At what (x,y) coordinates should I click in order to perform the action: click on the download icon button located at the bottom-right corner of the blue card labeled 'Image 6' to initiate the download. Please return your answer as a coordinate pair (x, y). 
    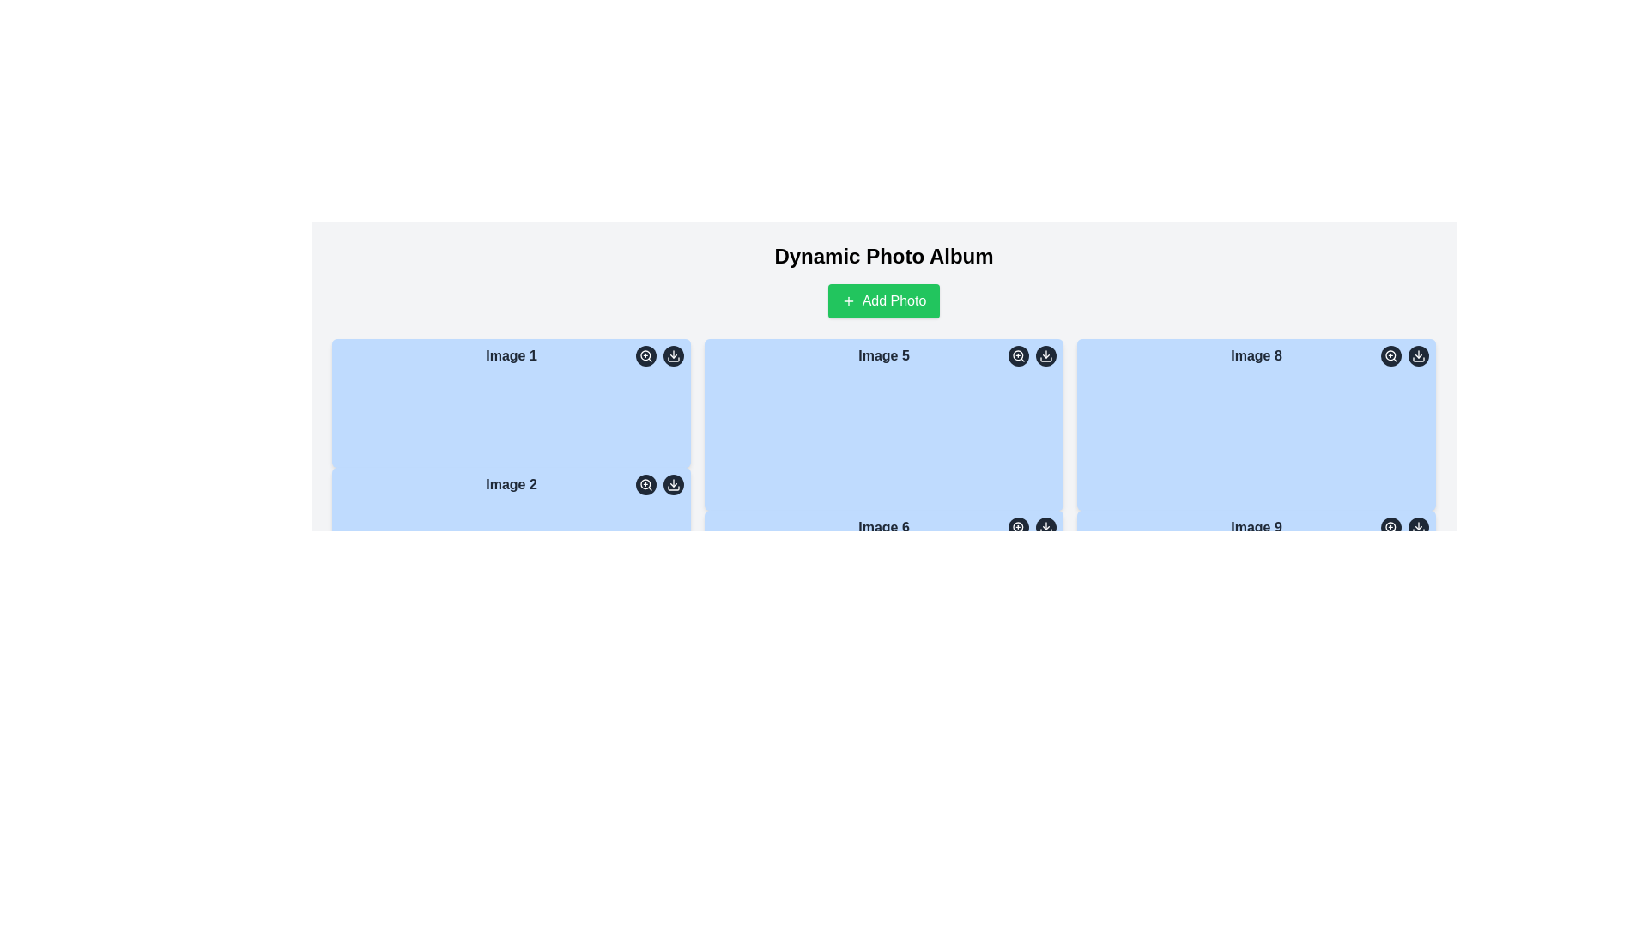
    Looking at the image, I should click on (1045, 526).